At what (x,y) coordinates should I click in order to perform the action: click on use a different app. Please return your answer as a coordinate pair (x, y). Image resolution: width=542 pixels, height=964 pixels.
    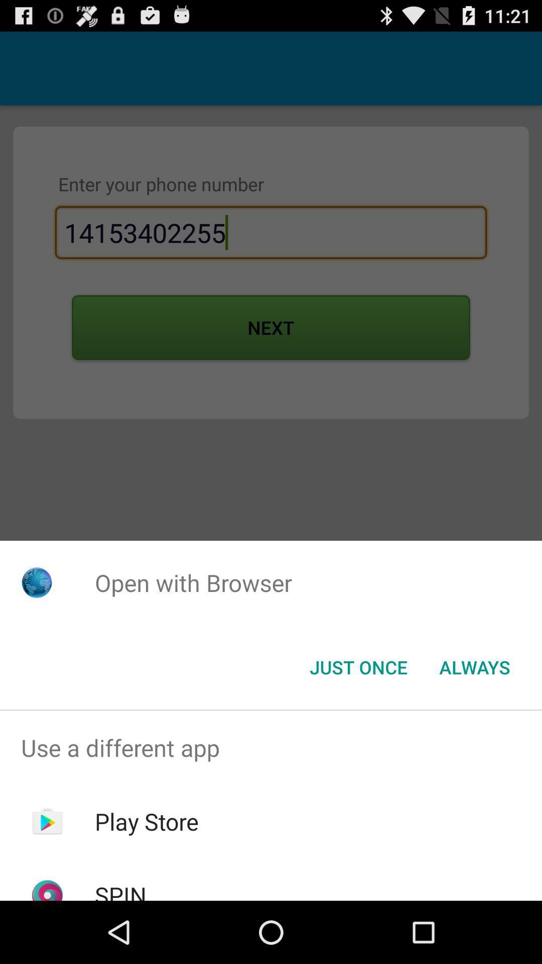
    Looking at the image, I should click on (271, 748).